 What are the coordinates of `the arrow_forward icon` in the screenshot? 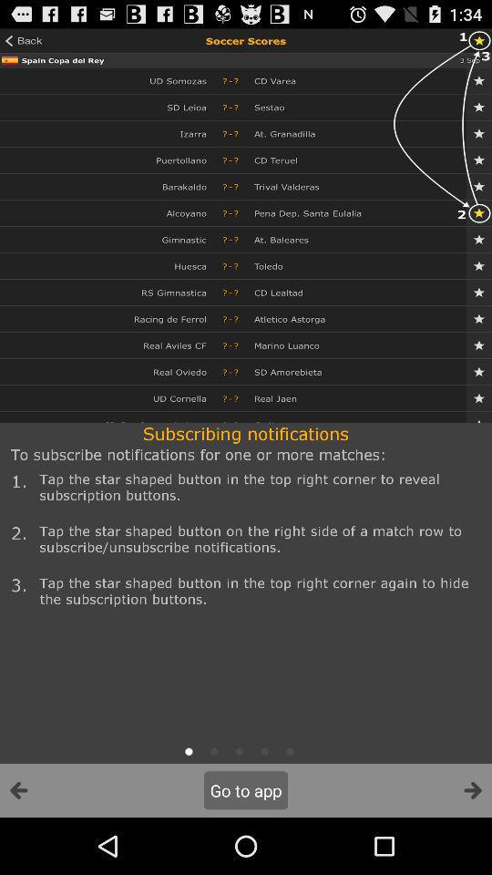 It's located at (472, 846).